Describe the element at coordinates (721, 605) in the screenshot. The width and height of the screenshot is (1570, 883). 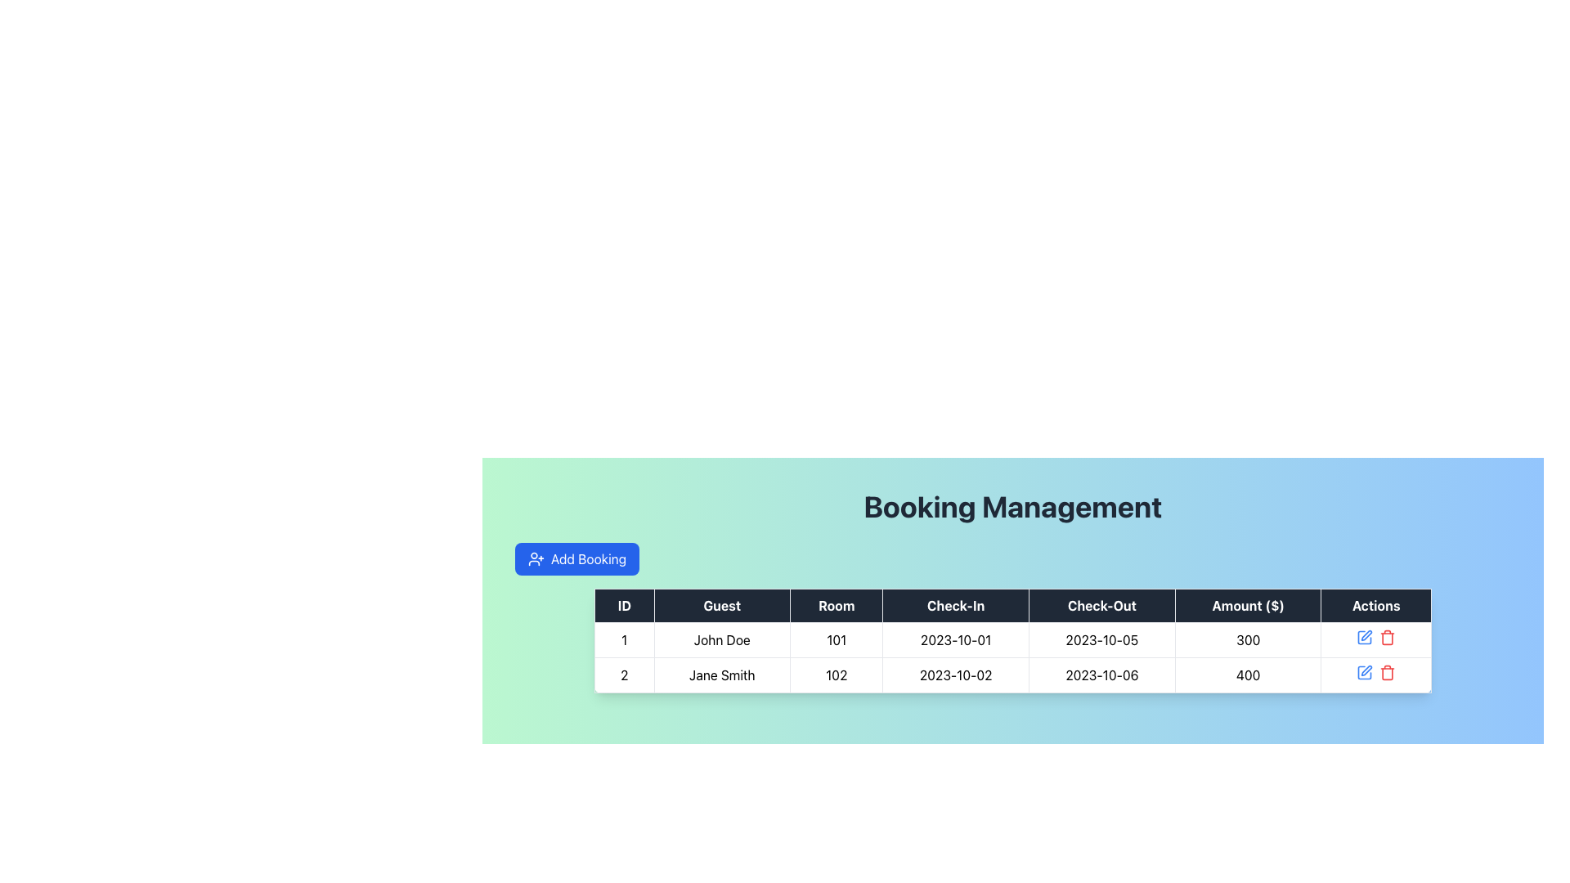
I see `the table header cell labeled 'Guest', which is the second column header with a dark background and white text` at that location.